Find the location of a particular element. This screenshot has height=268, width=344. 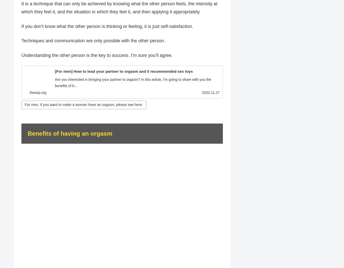

'Understanding the other person is the key to success. I’m sure you’ll agree.' is located at coordinates (96, 55).